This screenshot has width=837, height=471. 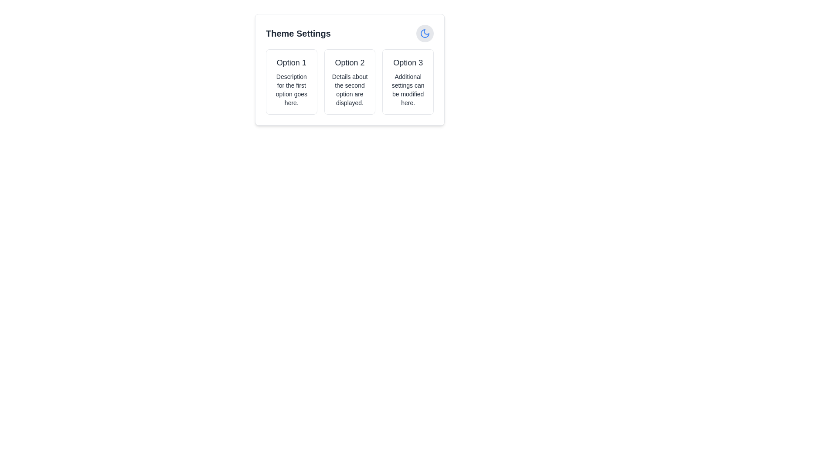 I want to click on the Informational card related to 'Option 3', located in the third column of the grid layout, so click(x=408, y=82).